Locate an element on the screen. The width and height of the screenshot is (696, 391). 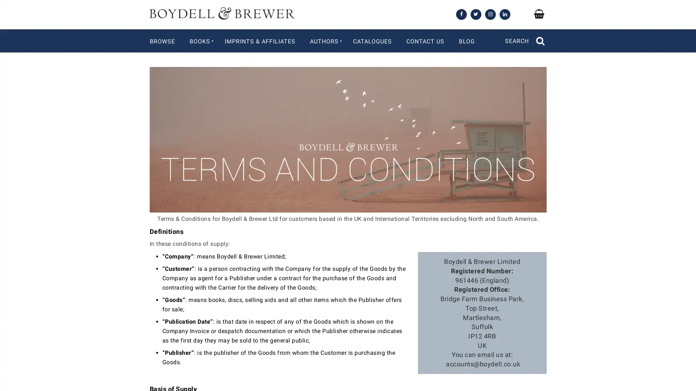
SEARCH is located at coordinates (525, 40).